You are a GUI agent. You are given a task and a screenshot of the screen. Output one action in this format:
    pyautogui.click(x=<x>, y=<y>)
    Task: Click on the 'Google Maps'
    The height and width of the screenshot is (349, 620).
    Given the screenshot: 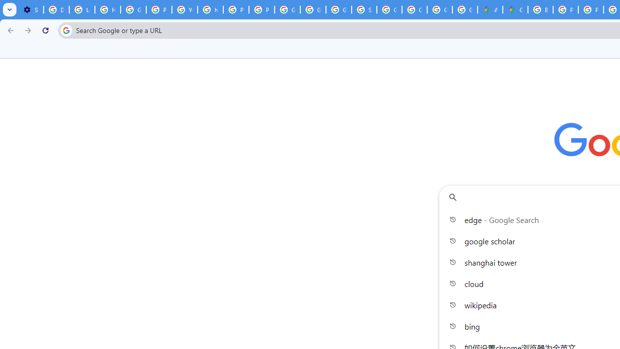 What is the action you would take?
    pyautogui.click(x=515, y=10)
    